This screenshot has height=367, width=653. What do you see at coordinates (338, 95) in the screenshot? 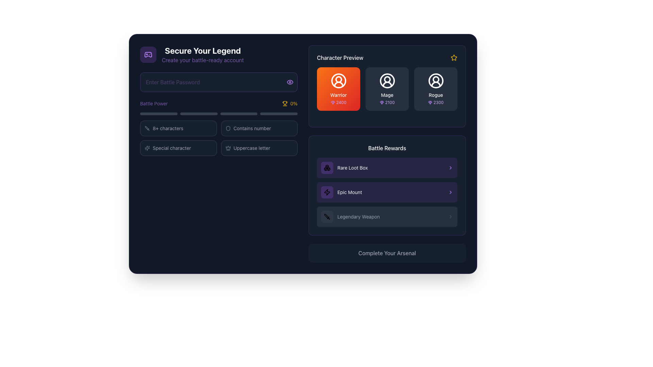
I see `information displayed on the 'Character Name' text label located in the 'Character Preview' section, which is positioned below the user avatar icon and above the value '2400'` at bounding box center [338, 95].